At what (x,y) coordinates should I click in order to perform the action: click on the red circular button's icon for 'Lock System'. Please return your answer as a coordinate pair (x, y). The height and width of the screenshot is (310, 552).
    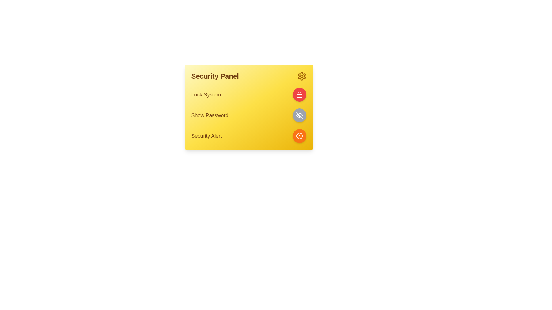
    Looking at the image, I should click on (299, 94).